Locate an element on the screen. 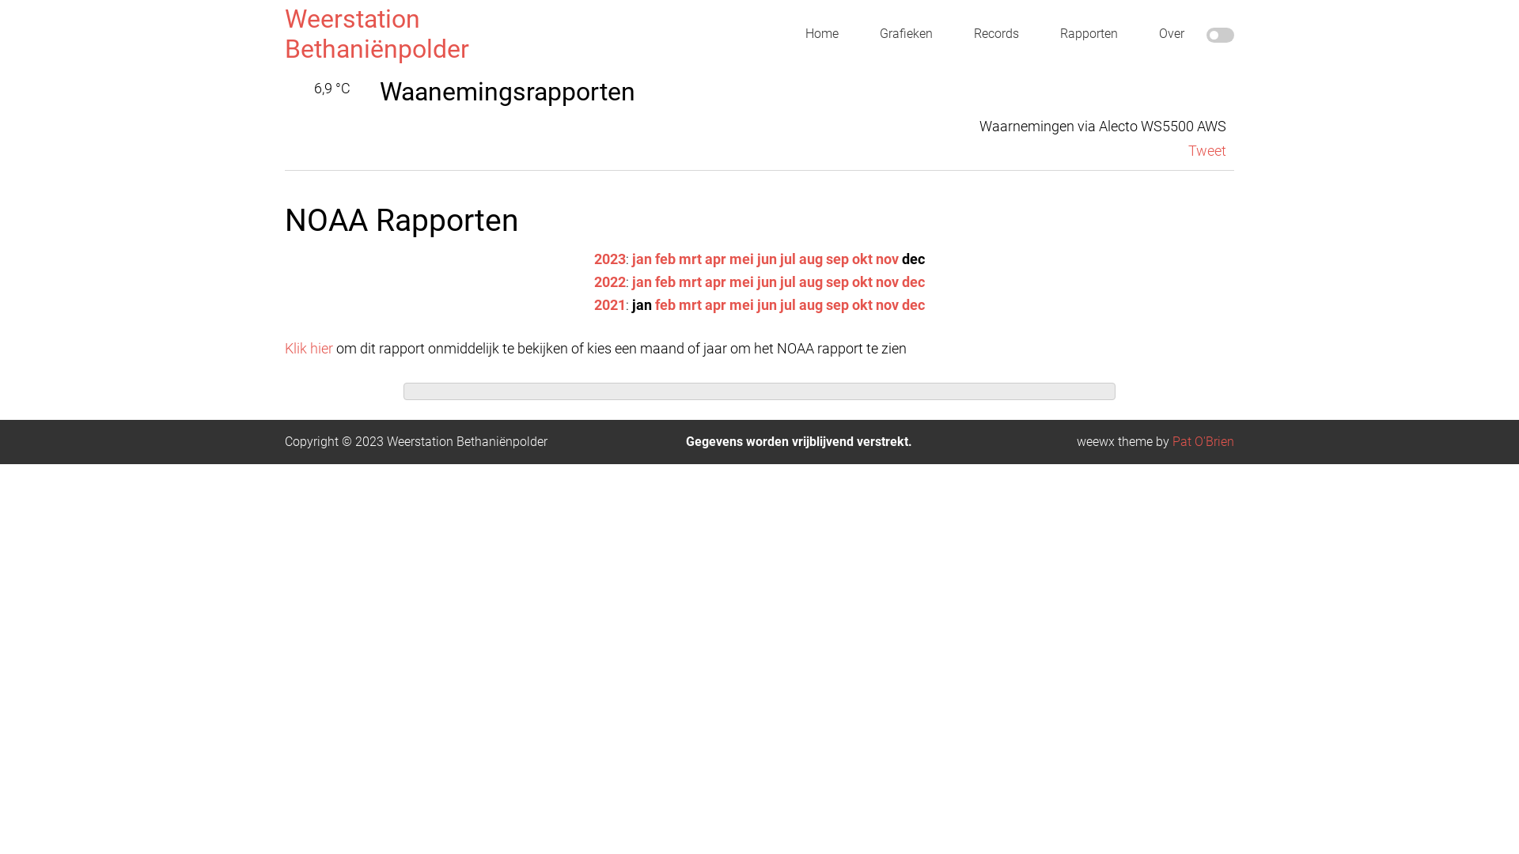 The image size is (1519, 854). 'dec' is located at coordinates (913, 304).